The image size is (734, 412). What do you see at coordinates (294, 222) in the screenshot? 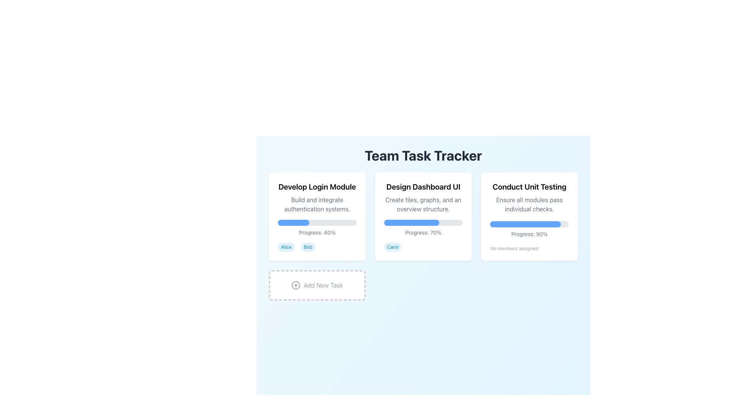
I see `the progress bar value` at bounding box center [294, 222].